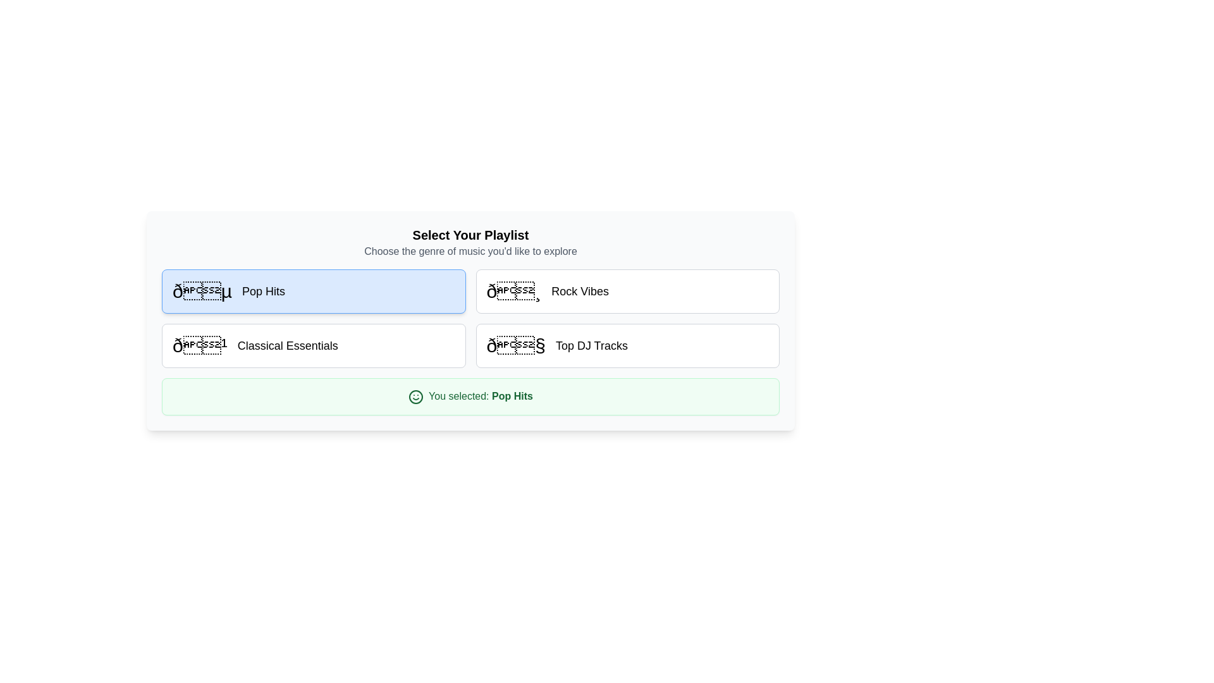  What do you see at coordinates (470, 243) in the screenshot?
I see `text in the header and descriptive text block that introduces and instructs the user about selecting a music playlist, located at the center of the card above the music genre buttons` at bounding box center [470, 243].